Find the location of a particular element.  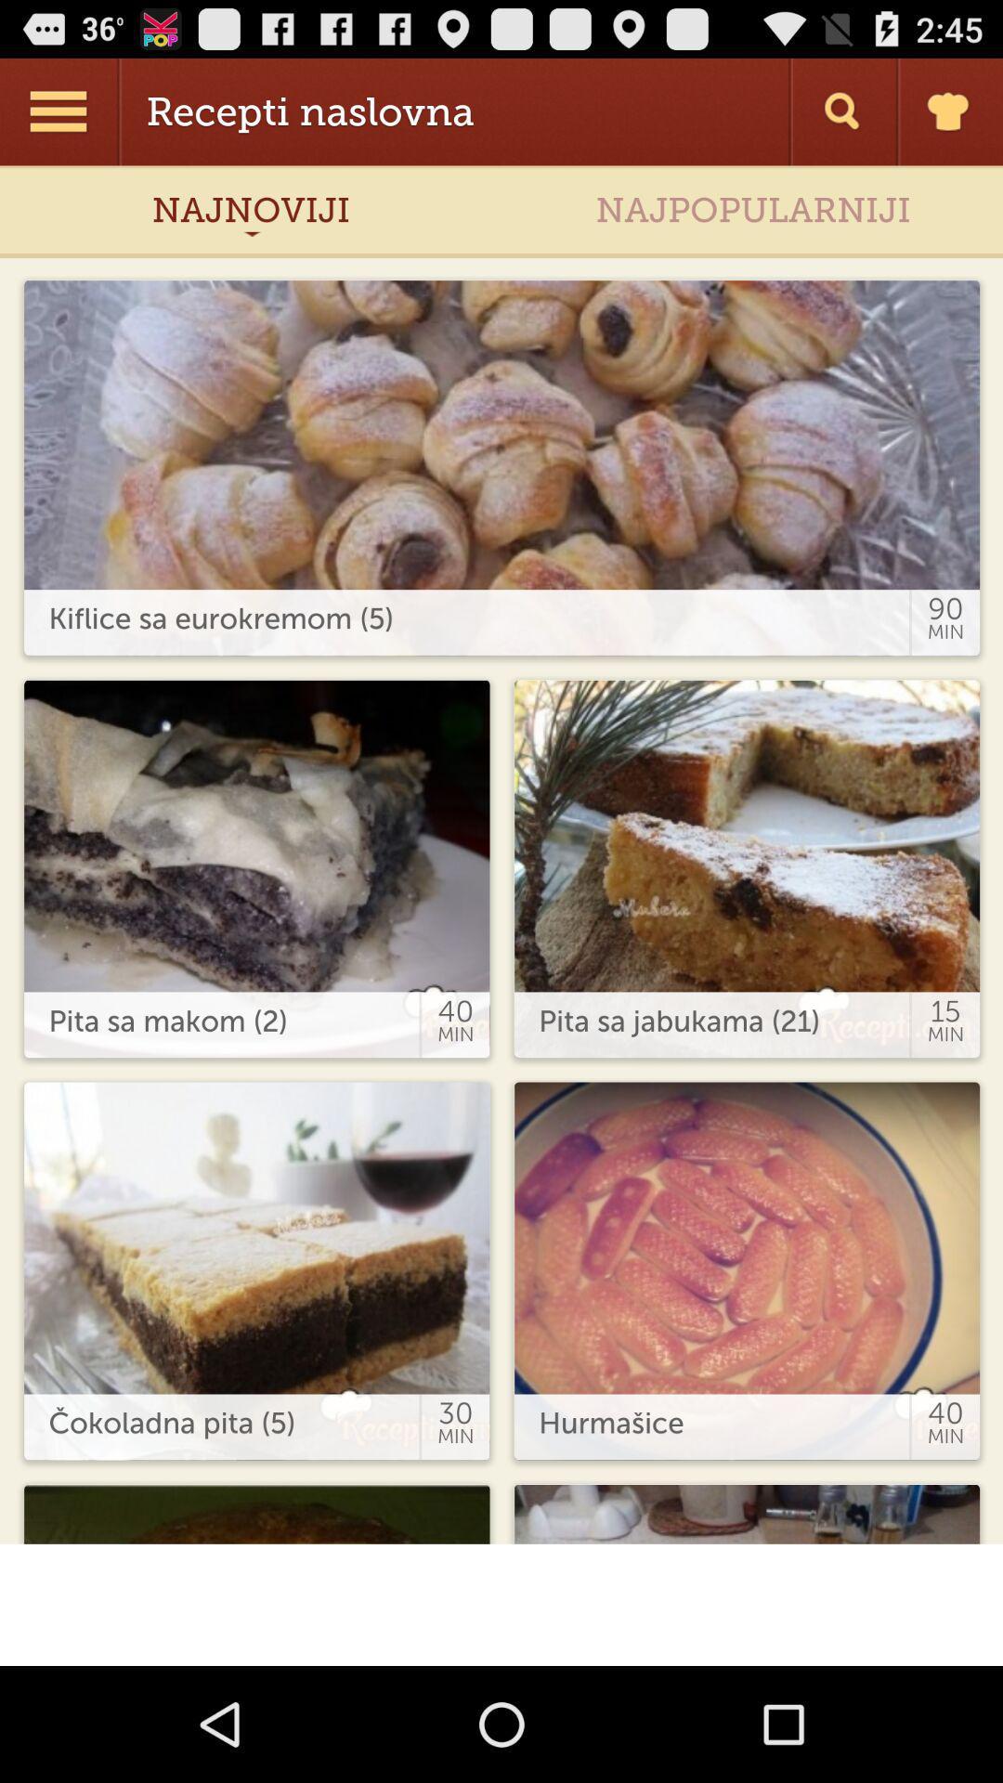

menu is located at coordinates (59, 111).